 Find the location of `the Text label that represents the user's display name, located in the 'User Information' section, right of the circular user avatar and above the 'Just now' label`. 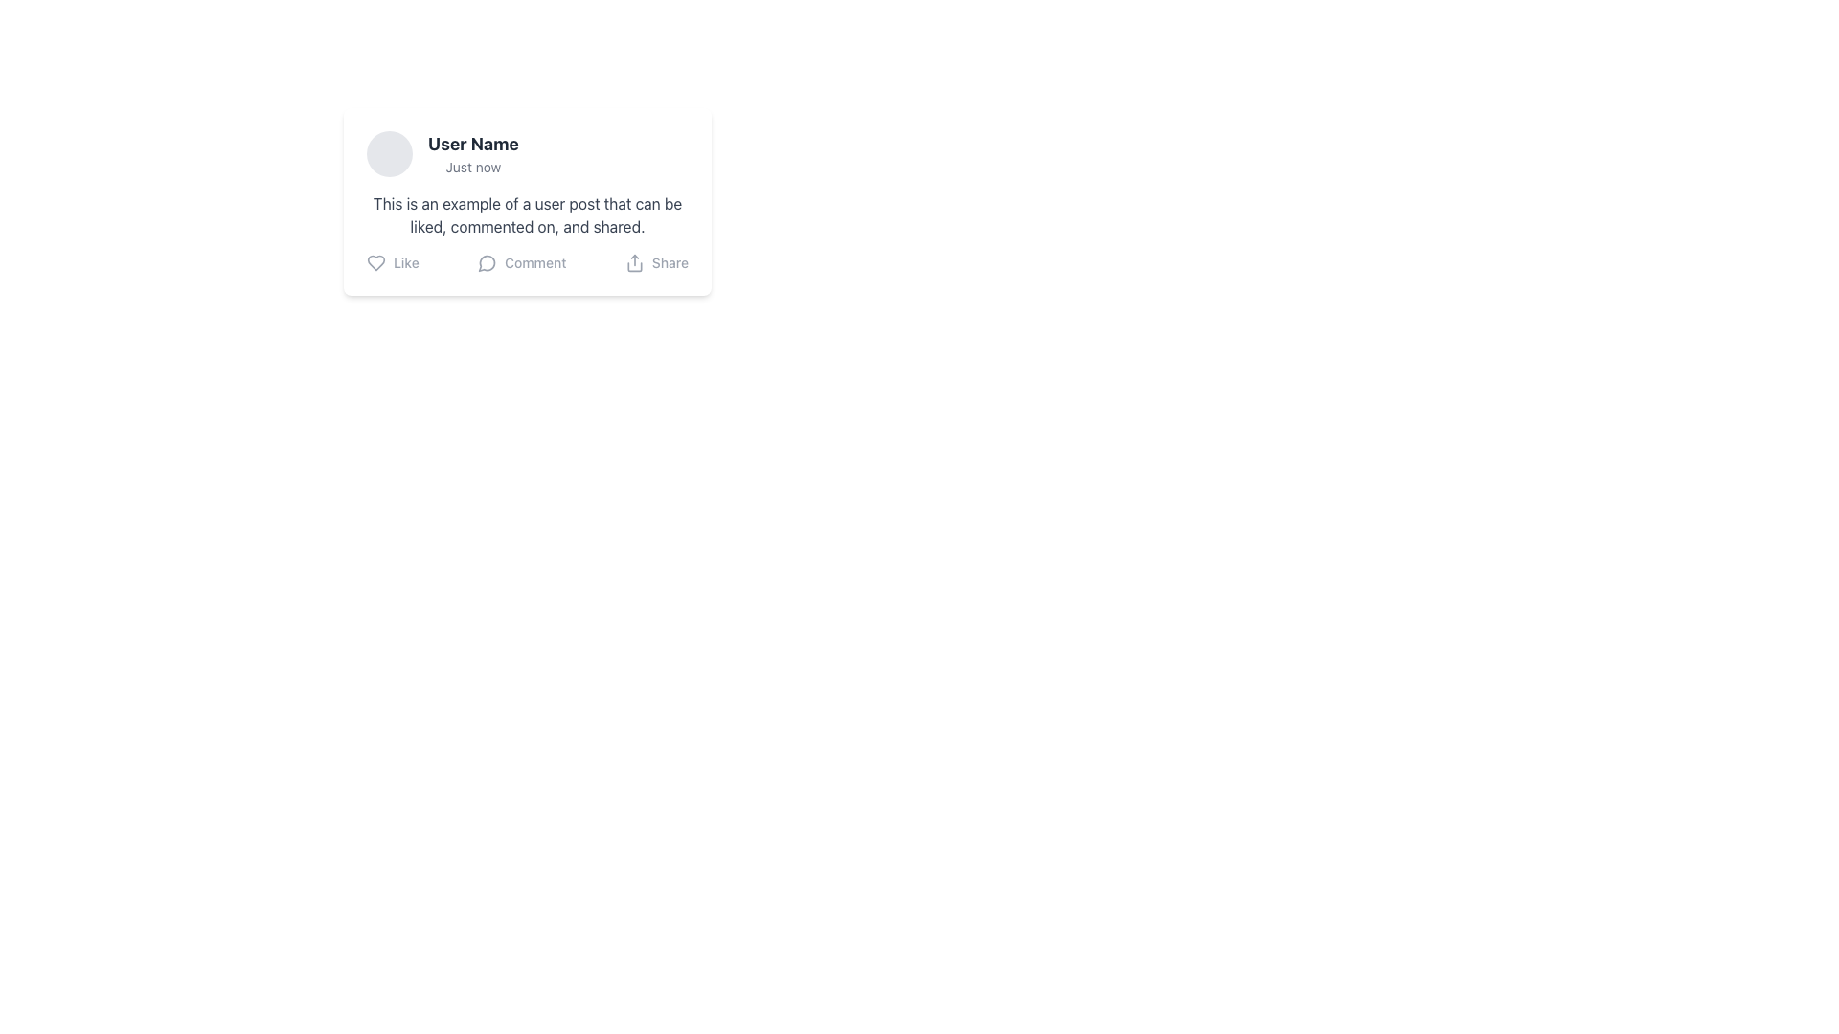

the Text label that represents the user's display name, located in the 'User Information' section, right of the circular user avatar and above the 'Just now' label is located at coordinates (473, 143).